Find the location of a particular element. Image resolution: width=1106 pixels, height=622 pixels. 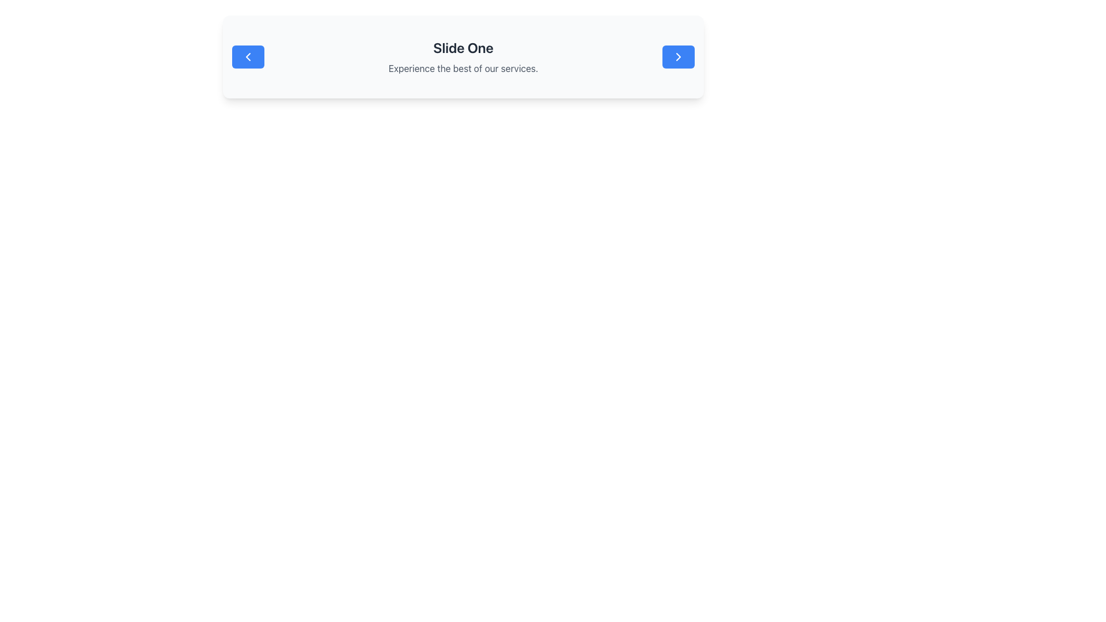

the Text Display Area that contains the lines 'Slide One' and 'Experience the best of our services', centrally positioned between two blue buttons is located at coordinates (463, 57).